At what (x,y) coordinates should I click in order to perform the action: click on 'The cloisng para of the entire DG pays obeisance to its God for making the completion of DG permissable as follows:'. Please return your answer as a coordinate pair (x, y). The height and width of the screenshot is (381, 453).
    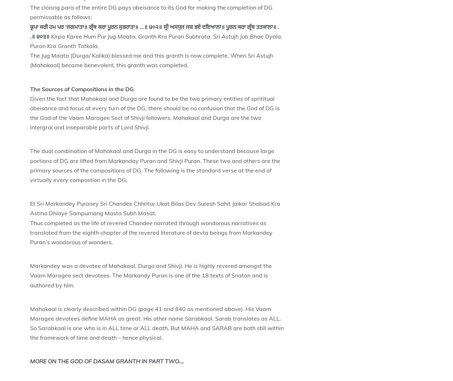
    Looking at the image, I should click on (151, 12).